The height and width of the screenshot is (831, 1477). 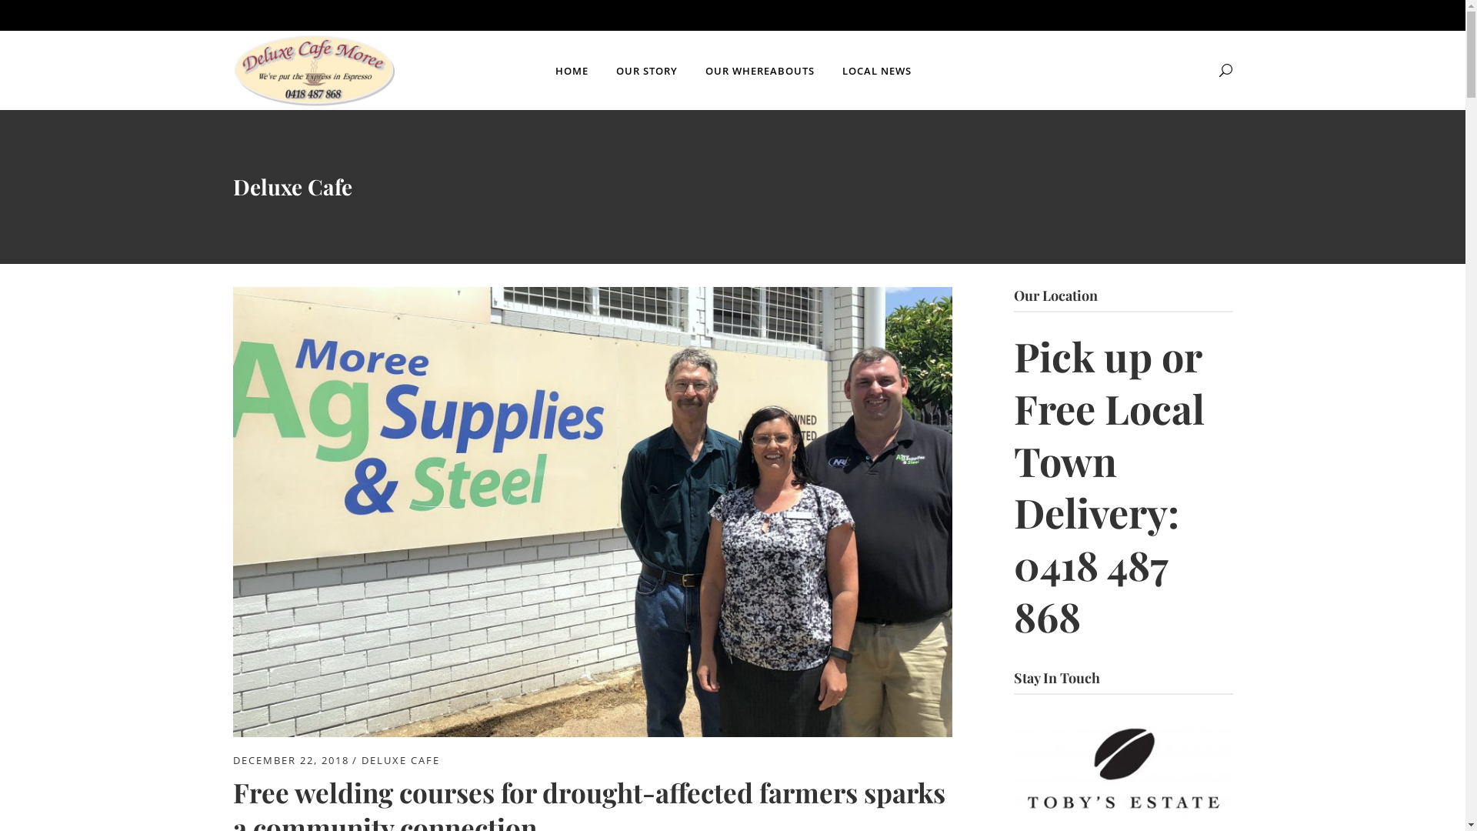 What do you see at coordinates (646, 70) in the screenshot?
I see `'OUR STORY'` at bounding box center [646, 70].